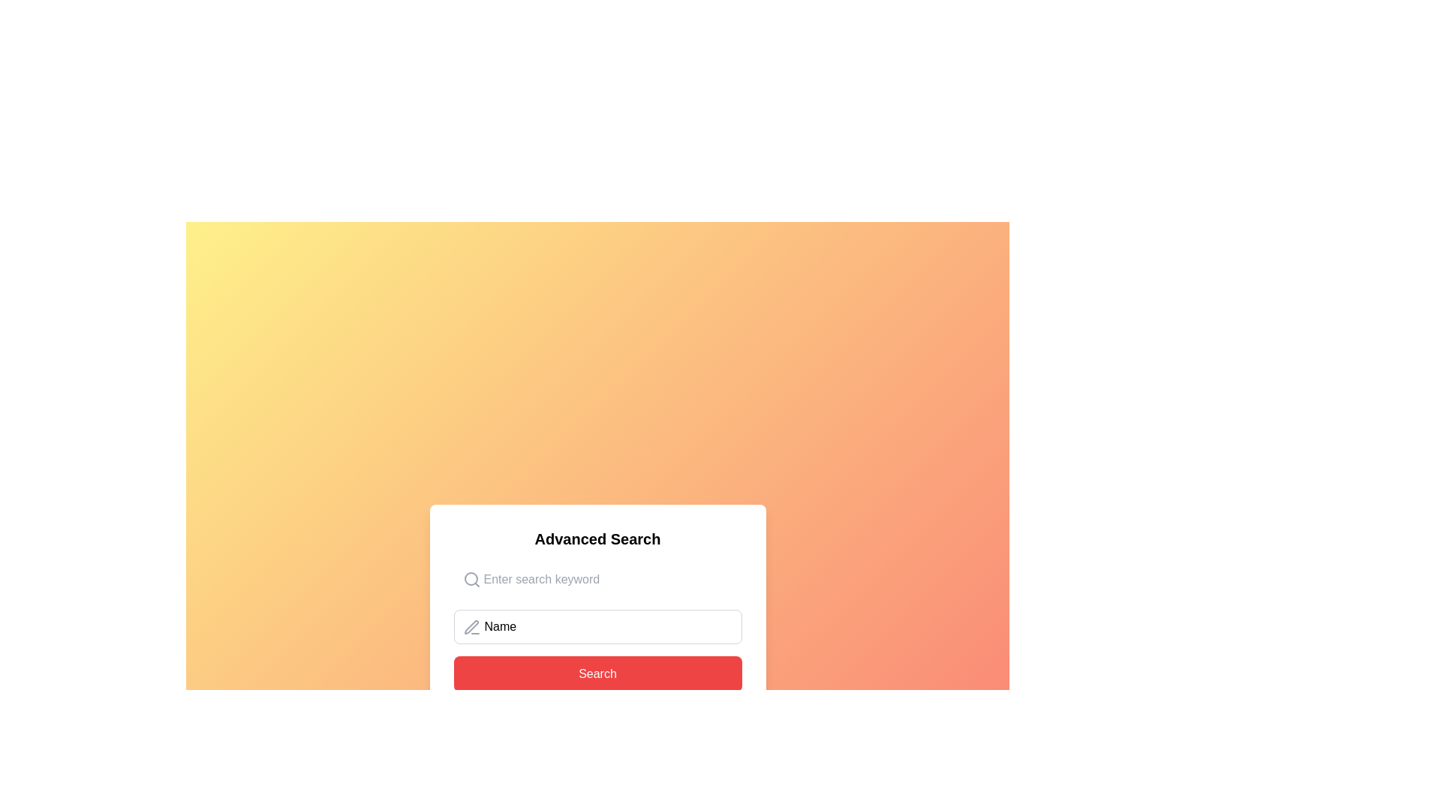 The width and height of the screenshot is (1441, 810). Describe the element at coordinates (470, 577) in the screenshot. I see `the circular lens of the magnifying glass icon representing search functionality, located in the top-left corner of the white advanced search card` at that location.